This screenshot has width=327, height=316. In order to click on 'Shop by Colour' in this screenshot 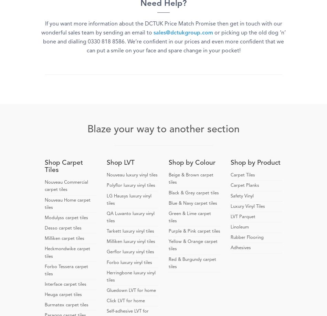, I will do `click(192, 162)`.